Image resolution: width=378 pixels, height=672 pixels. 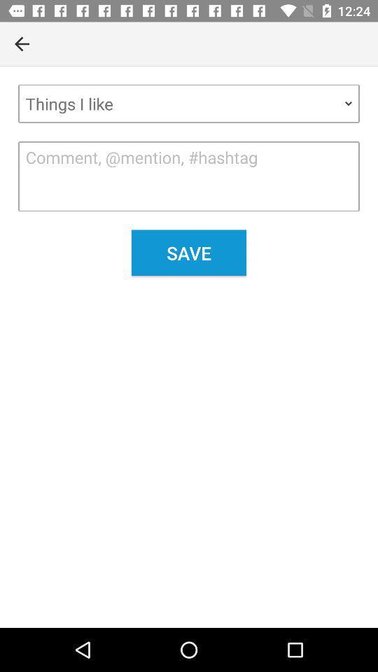 I want to click on save at the center, so click(x=189, y=252).